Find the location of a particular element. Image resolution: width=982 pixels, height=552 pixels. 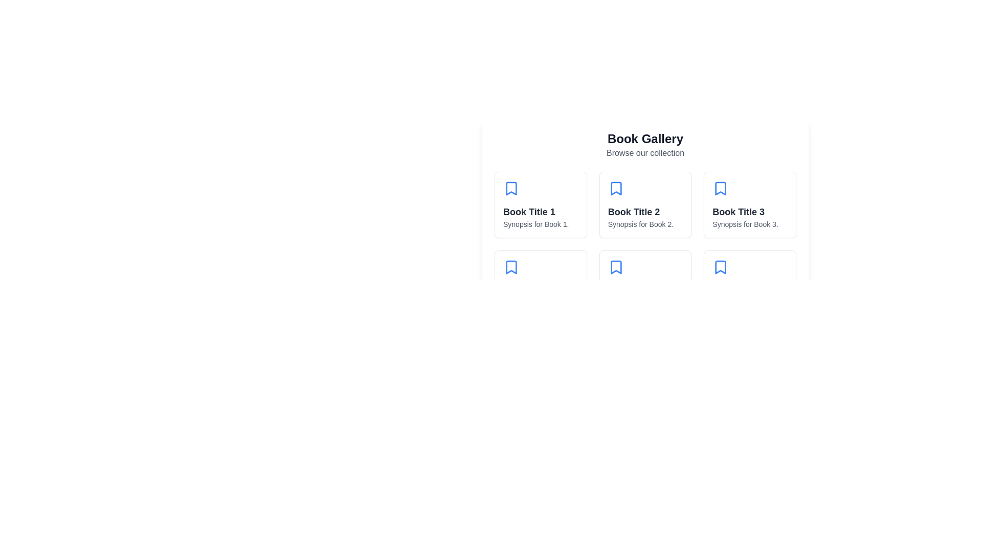

the blue bookmark icon, which is a vertical rectangular shape with a pointed bottom, located in the fourth cell of a grid layout is located at coordinates (615, 267).